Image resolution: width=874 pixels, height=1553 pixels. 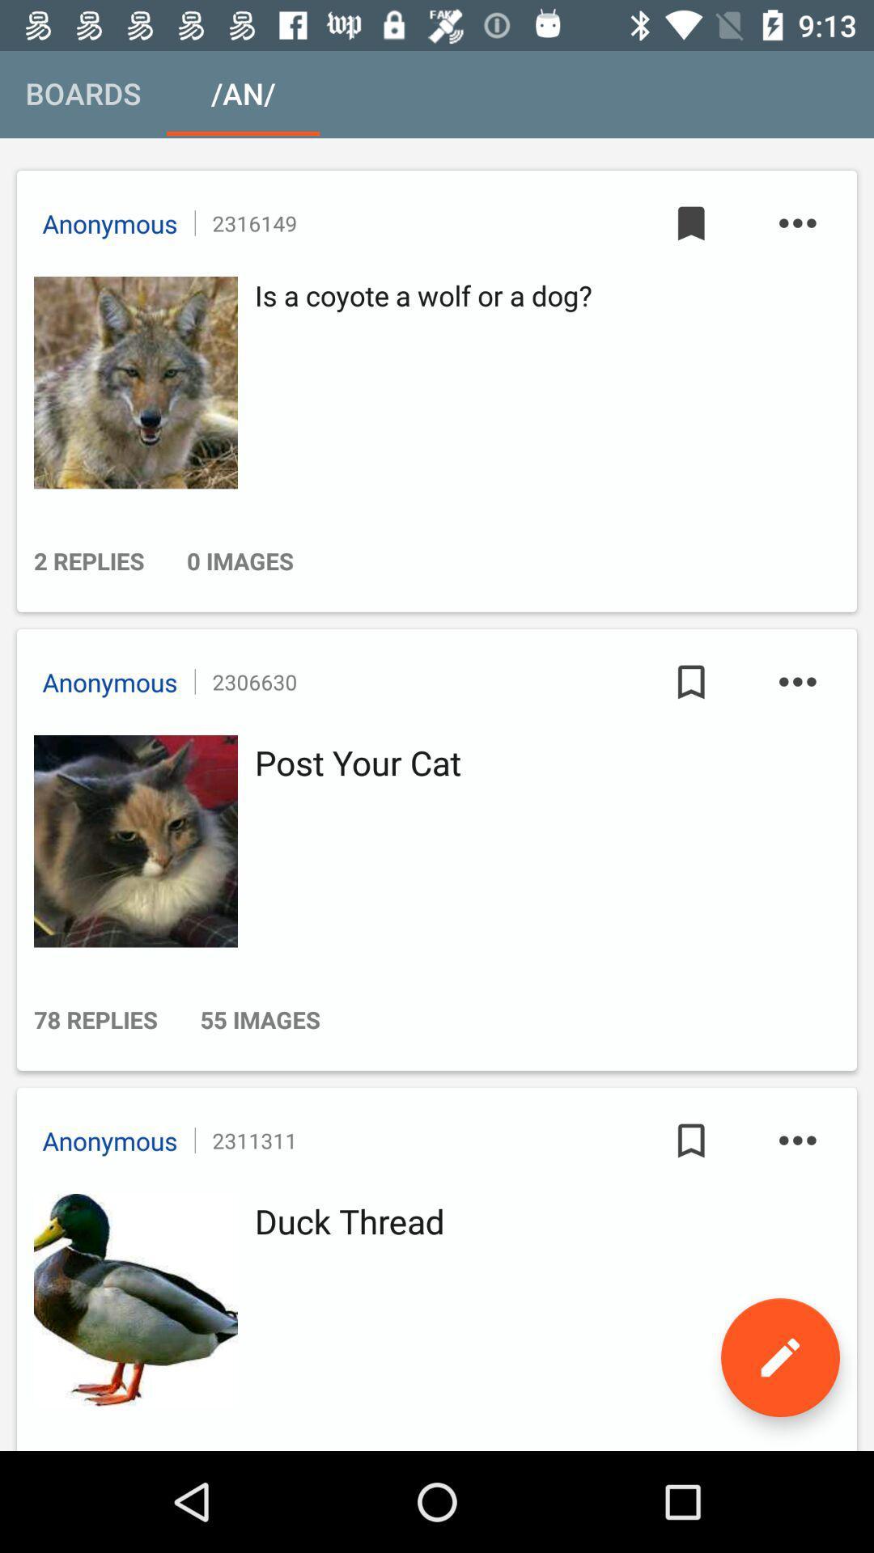 What do you see at coordinates (796, 1140) in the screenshot?
I see `the icon above the duck thread` at bounding box center [796, 1140].